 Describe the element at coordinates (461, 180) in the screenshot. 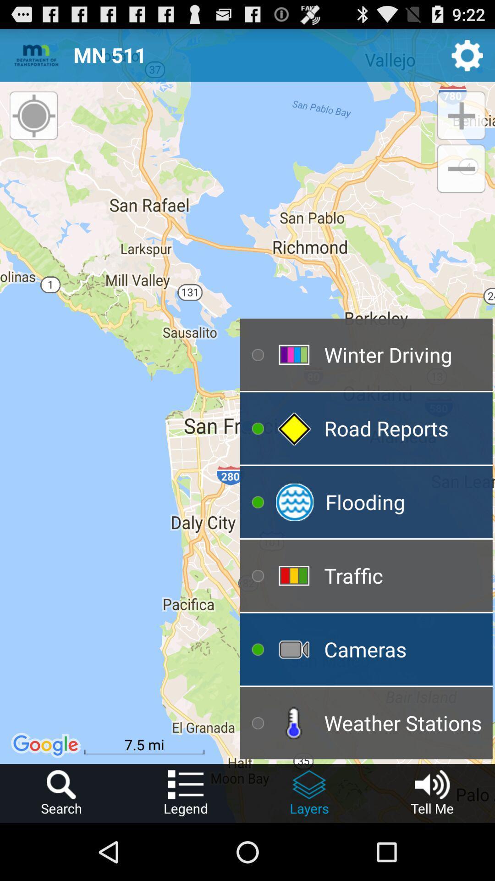

I see `the minus icon` at that location.